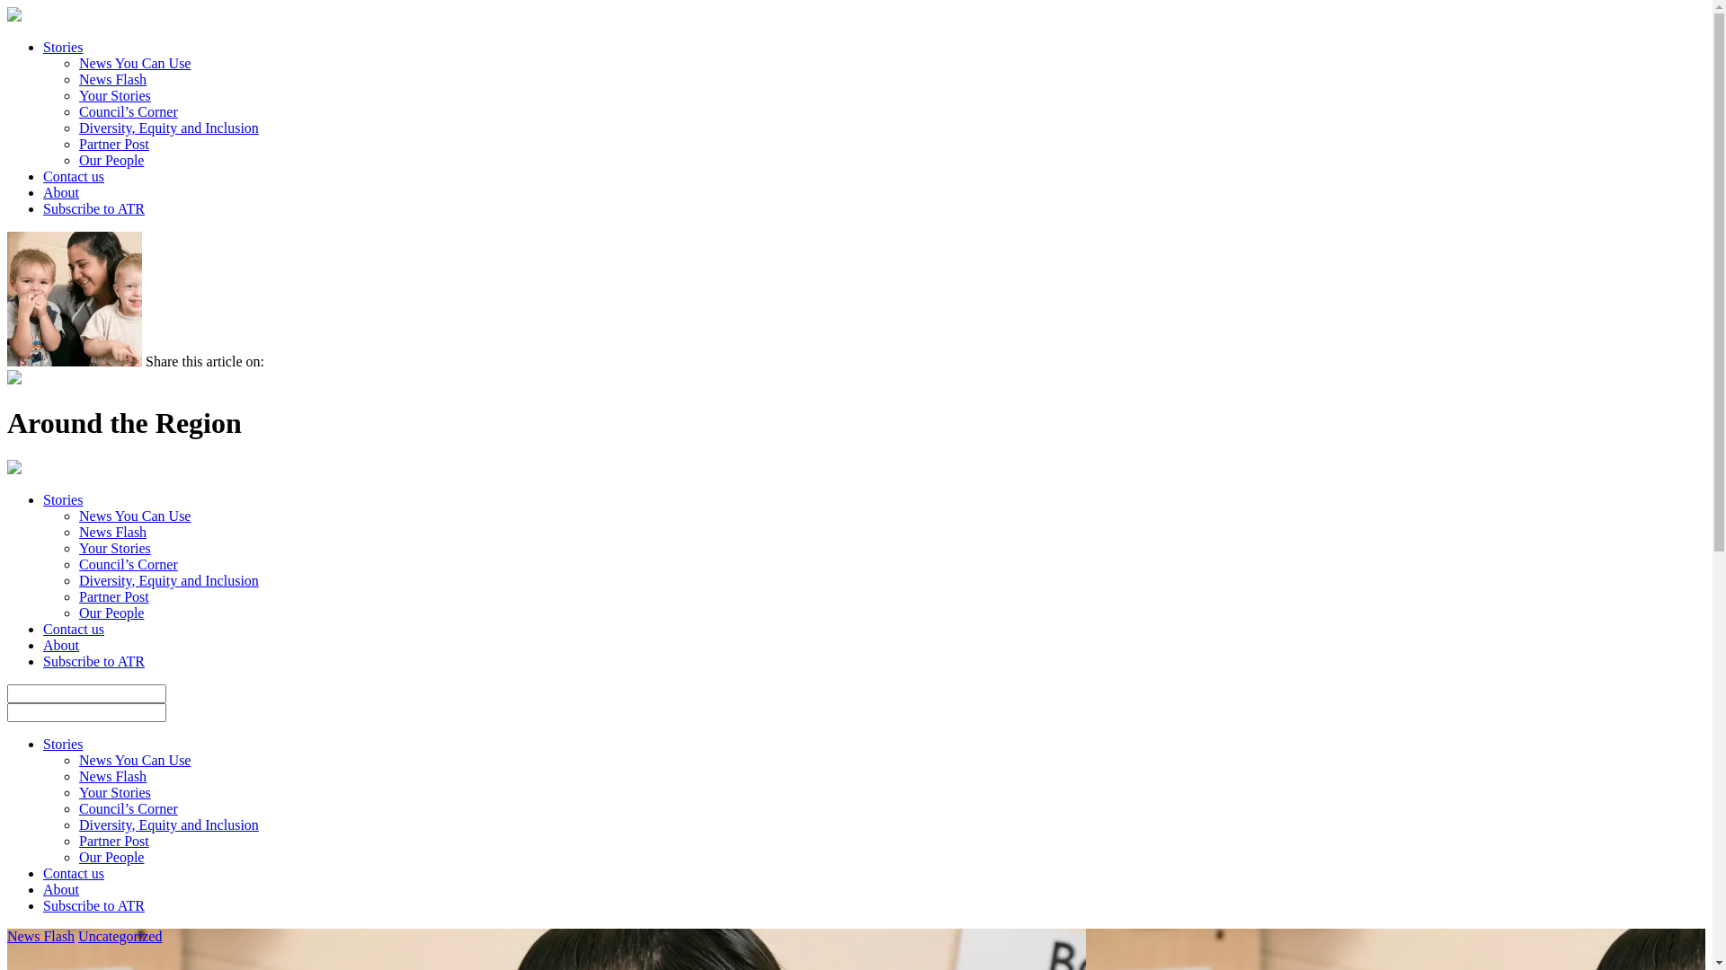 This screenshot has height=970, width=1726. What do you see at coordinates (72, 872) in the screenshot?
I see `'Contact us'` at bounding box center [72, 872].